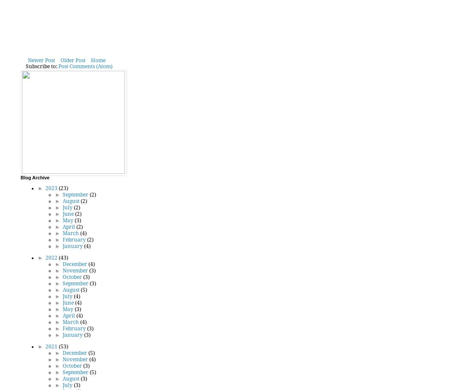  I want to click on '(53)', so click(62, 347).